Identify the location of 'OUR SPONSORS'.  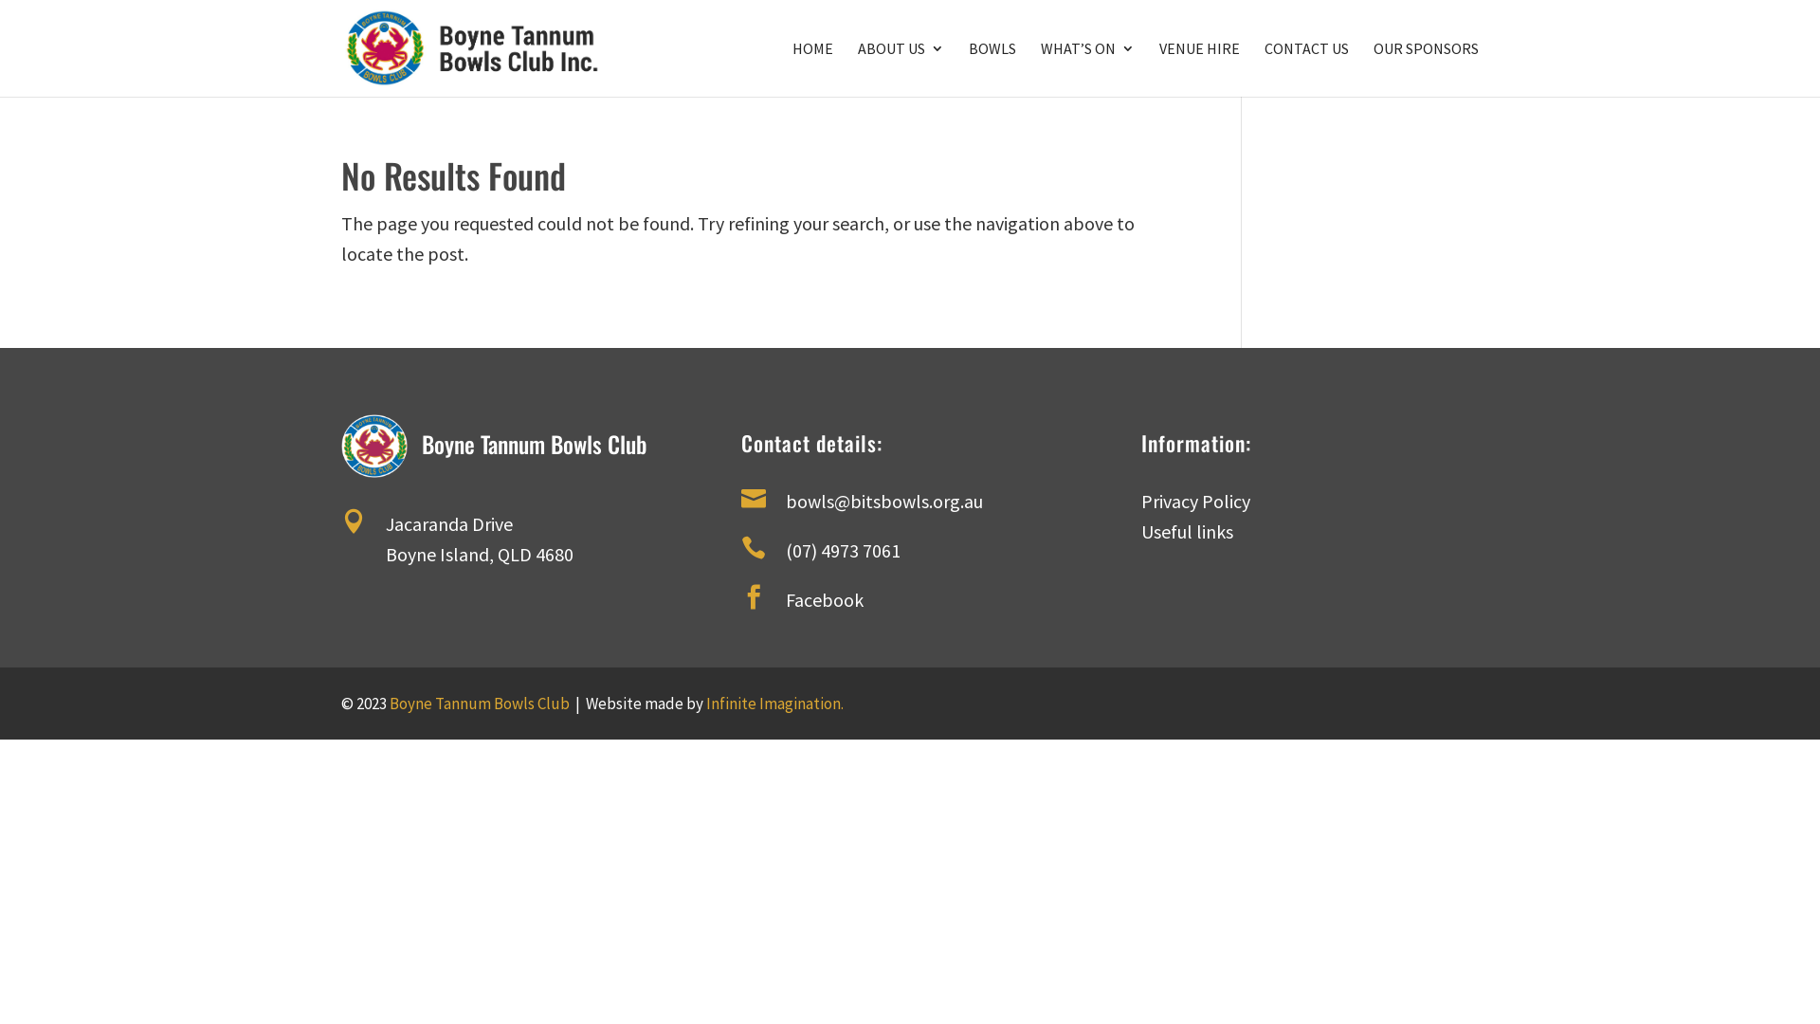
(1426, 68).